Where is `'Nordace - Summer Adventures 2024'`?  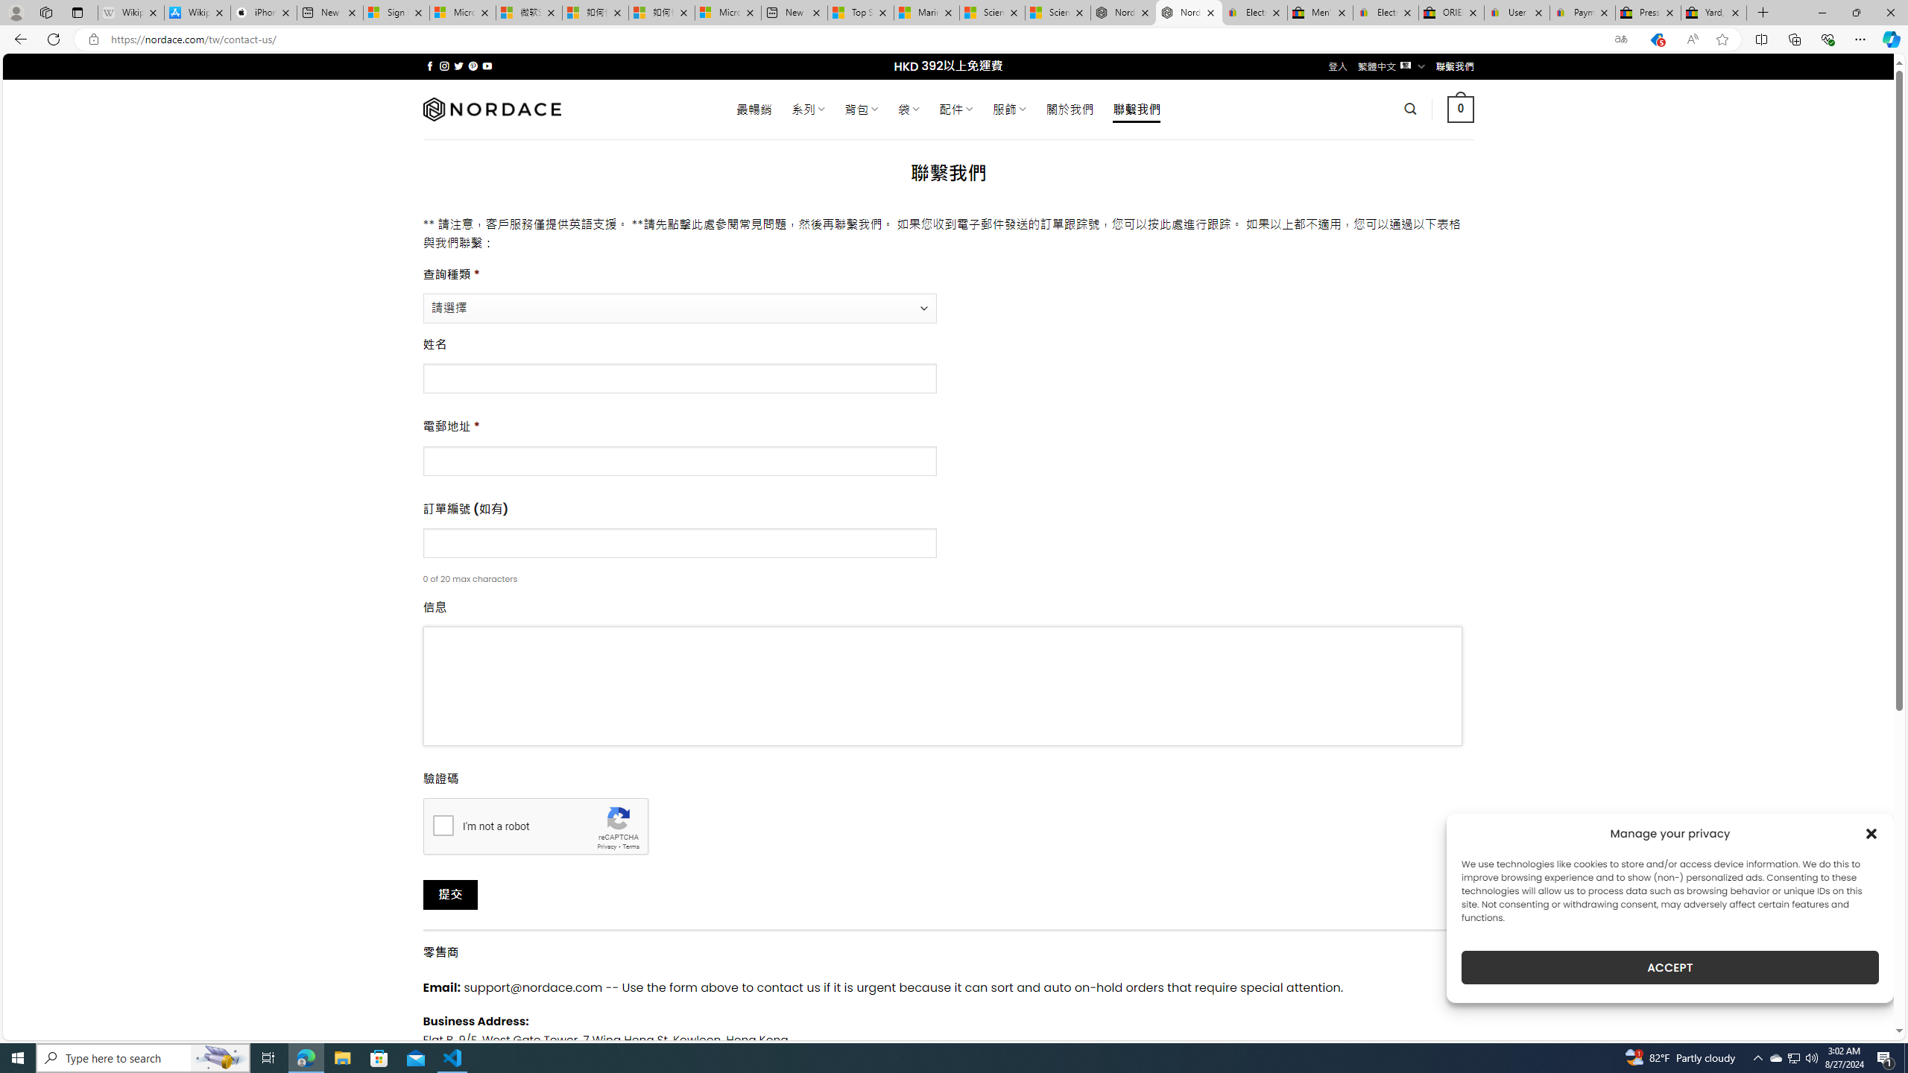
'Nordace - Summer Adventures 2024' is located at coordinates (1122, 12).